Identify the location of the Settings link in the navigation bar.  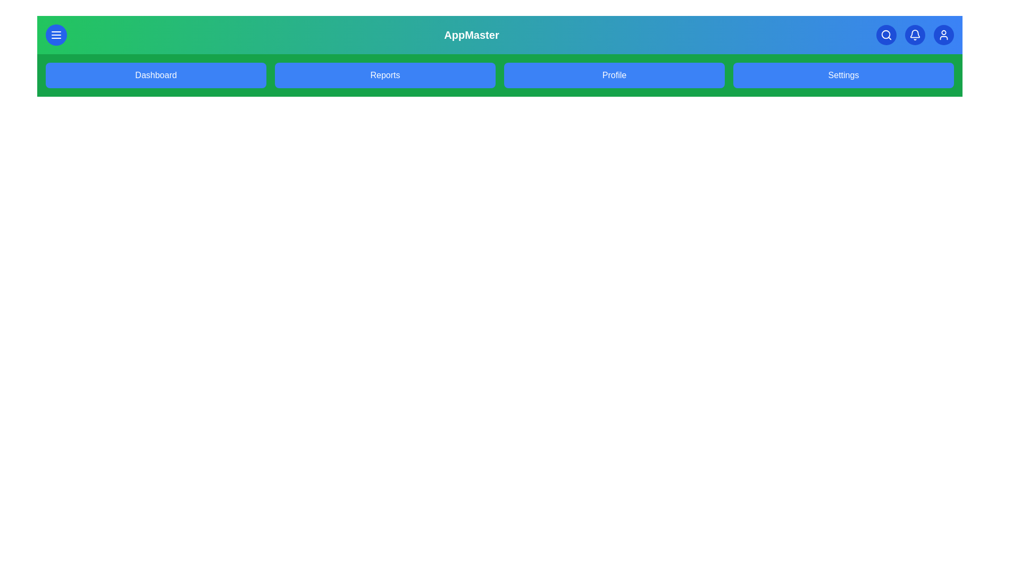
(843, 75).